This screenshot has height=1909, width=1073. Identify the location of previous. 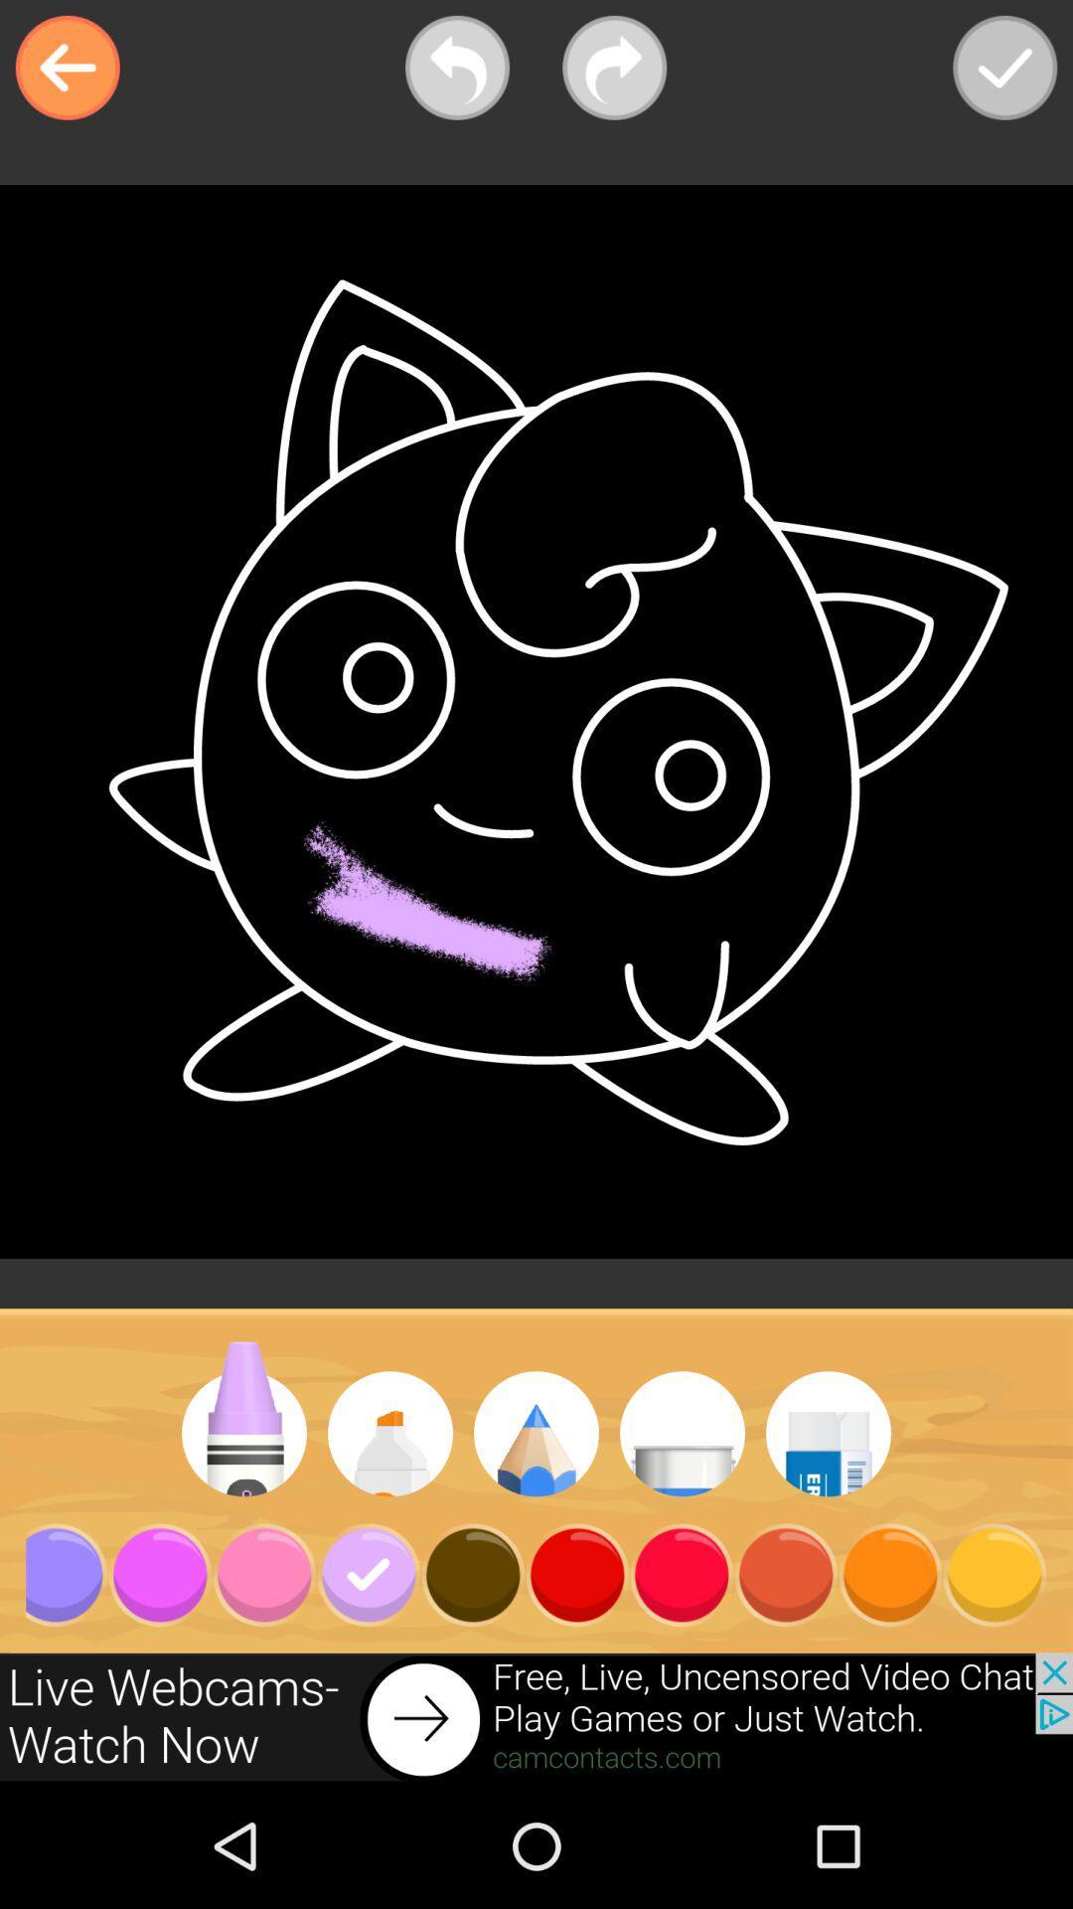
(457, 68).